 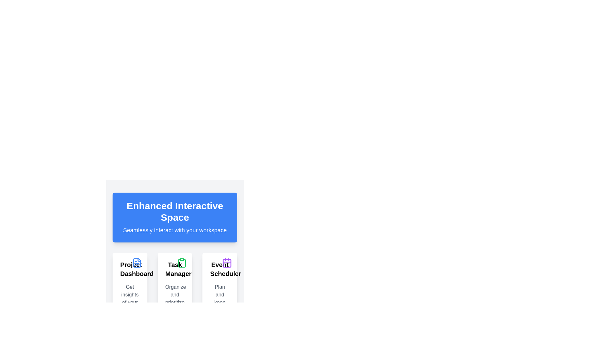 What do you see at coordinates (227, 263) in the screenshot?
I see `properties of the purple calendar icon located at the top-right corner of the 'Event Scheduler' card` at bounding box center [227, 263].